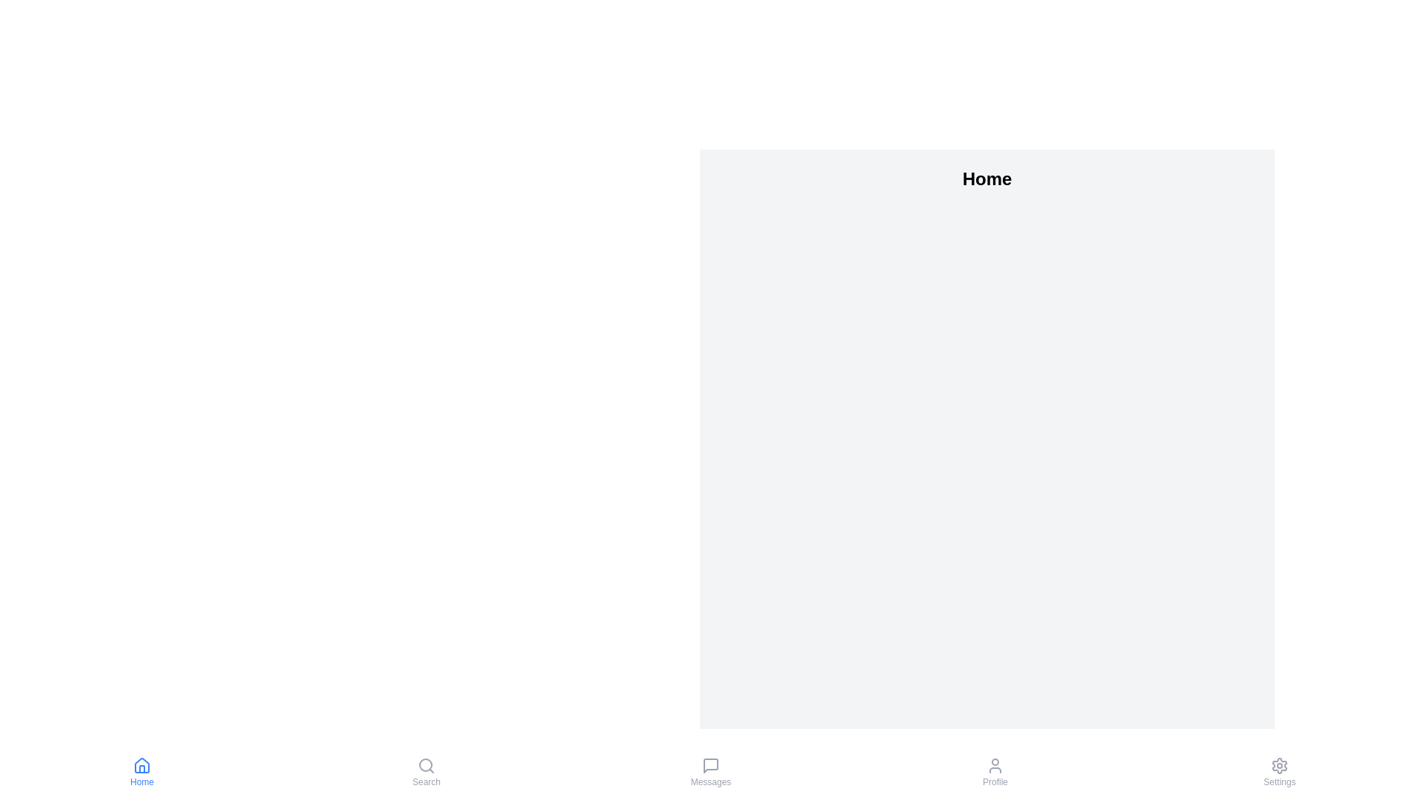 Image resolution: width=1422 pixels, height=800 pixels. What do you see at coordinates (426, 781) in the screenshot?
I see `the Text Label that serves as a label for the search functionality located in the bottom navigation bar, below the 'Search' icon` at bounding box center [426, 781].